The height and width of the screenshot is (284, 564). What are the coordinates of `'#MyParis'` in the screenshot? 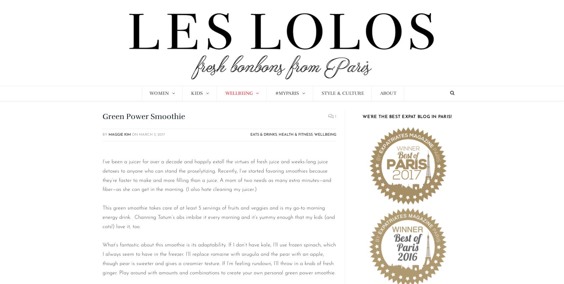 It's located at (287, 93).